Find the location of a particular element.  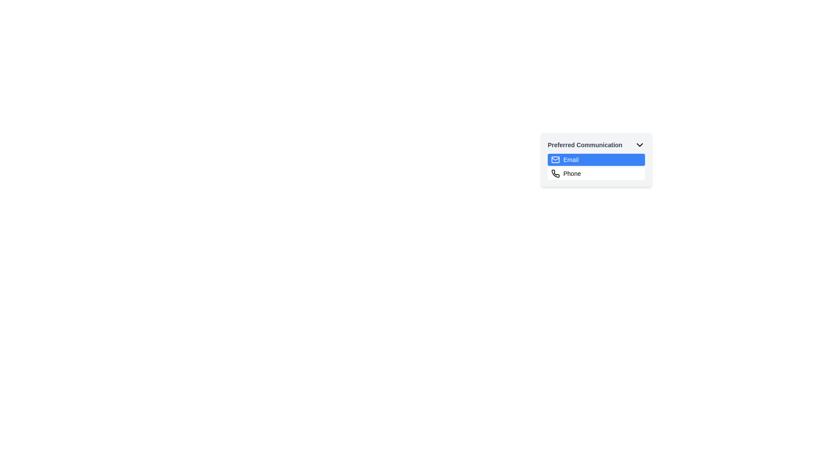

the downward-pointing arrow icon located to the right of the 'Preferred Communication' label is located at coordinates (640, 145).